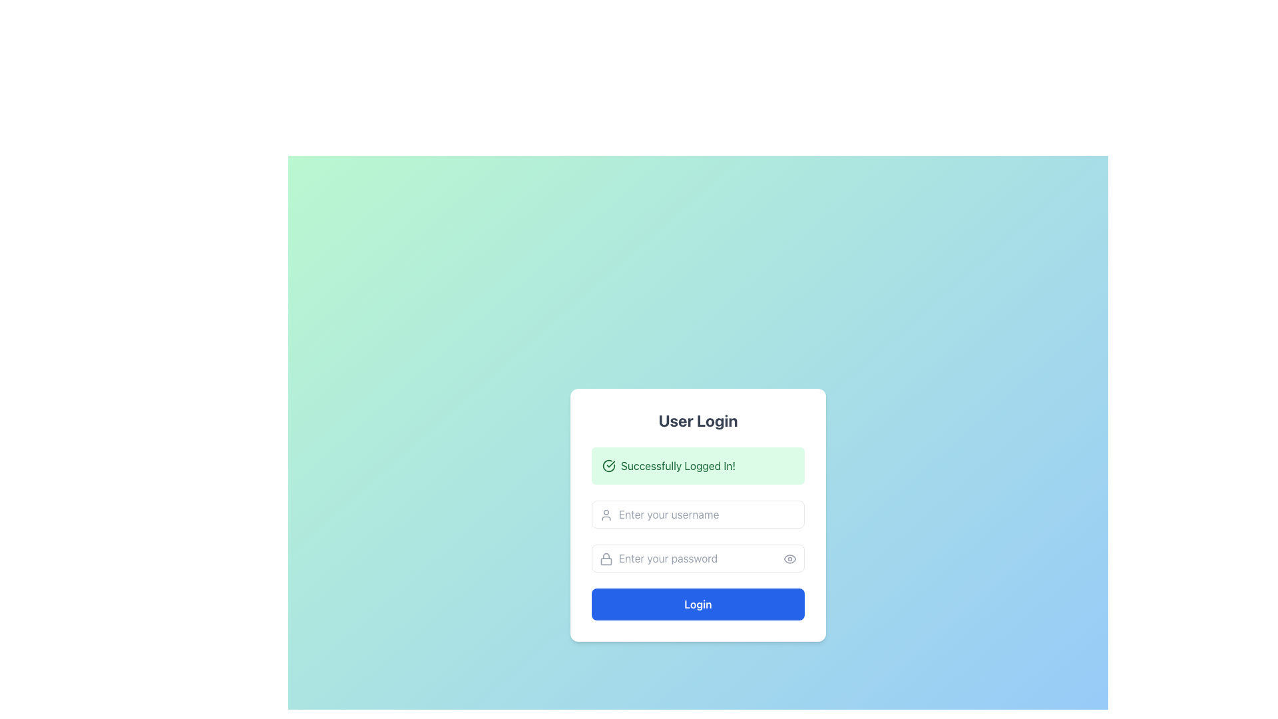 Image resolution: width=1278 pixels, height=719 pixels. I want to click on the password icon, which is located to the left side near the top edge of the password input field, providing a visual cue for password entry, so click(606, 559).